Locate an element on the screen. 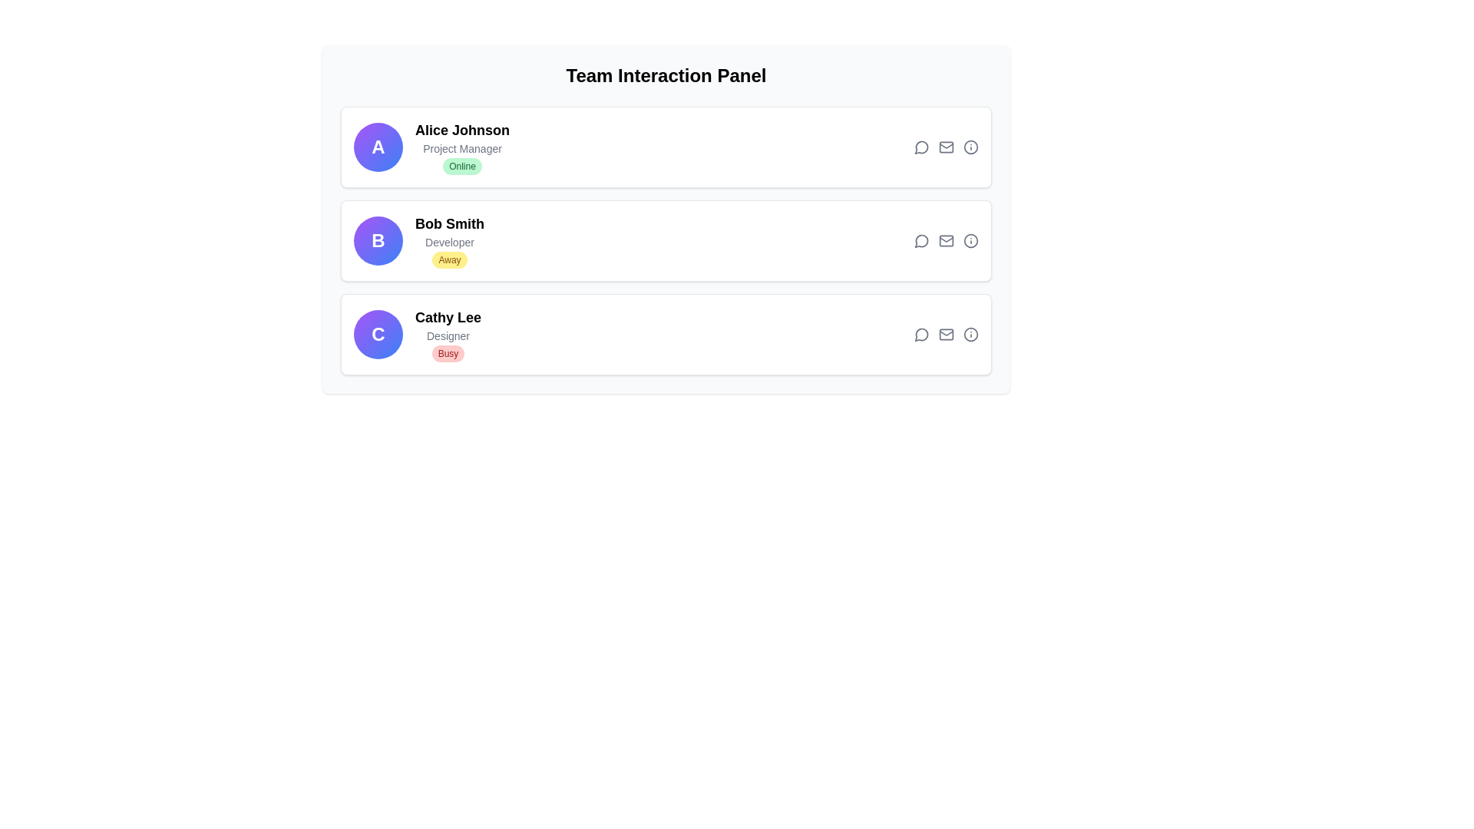 The height and width of the screenshot is (829, 1474). the Profile Avatar representing user 'Bob Smith', which displays the initial 'B' and is located at the leftmost side of the user profile card is located at coordinates (378, 240).